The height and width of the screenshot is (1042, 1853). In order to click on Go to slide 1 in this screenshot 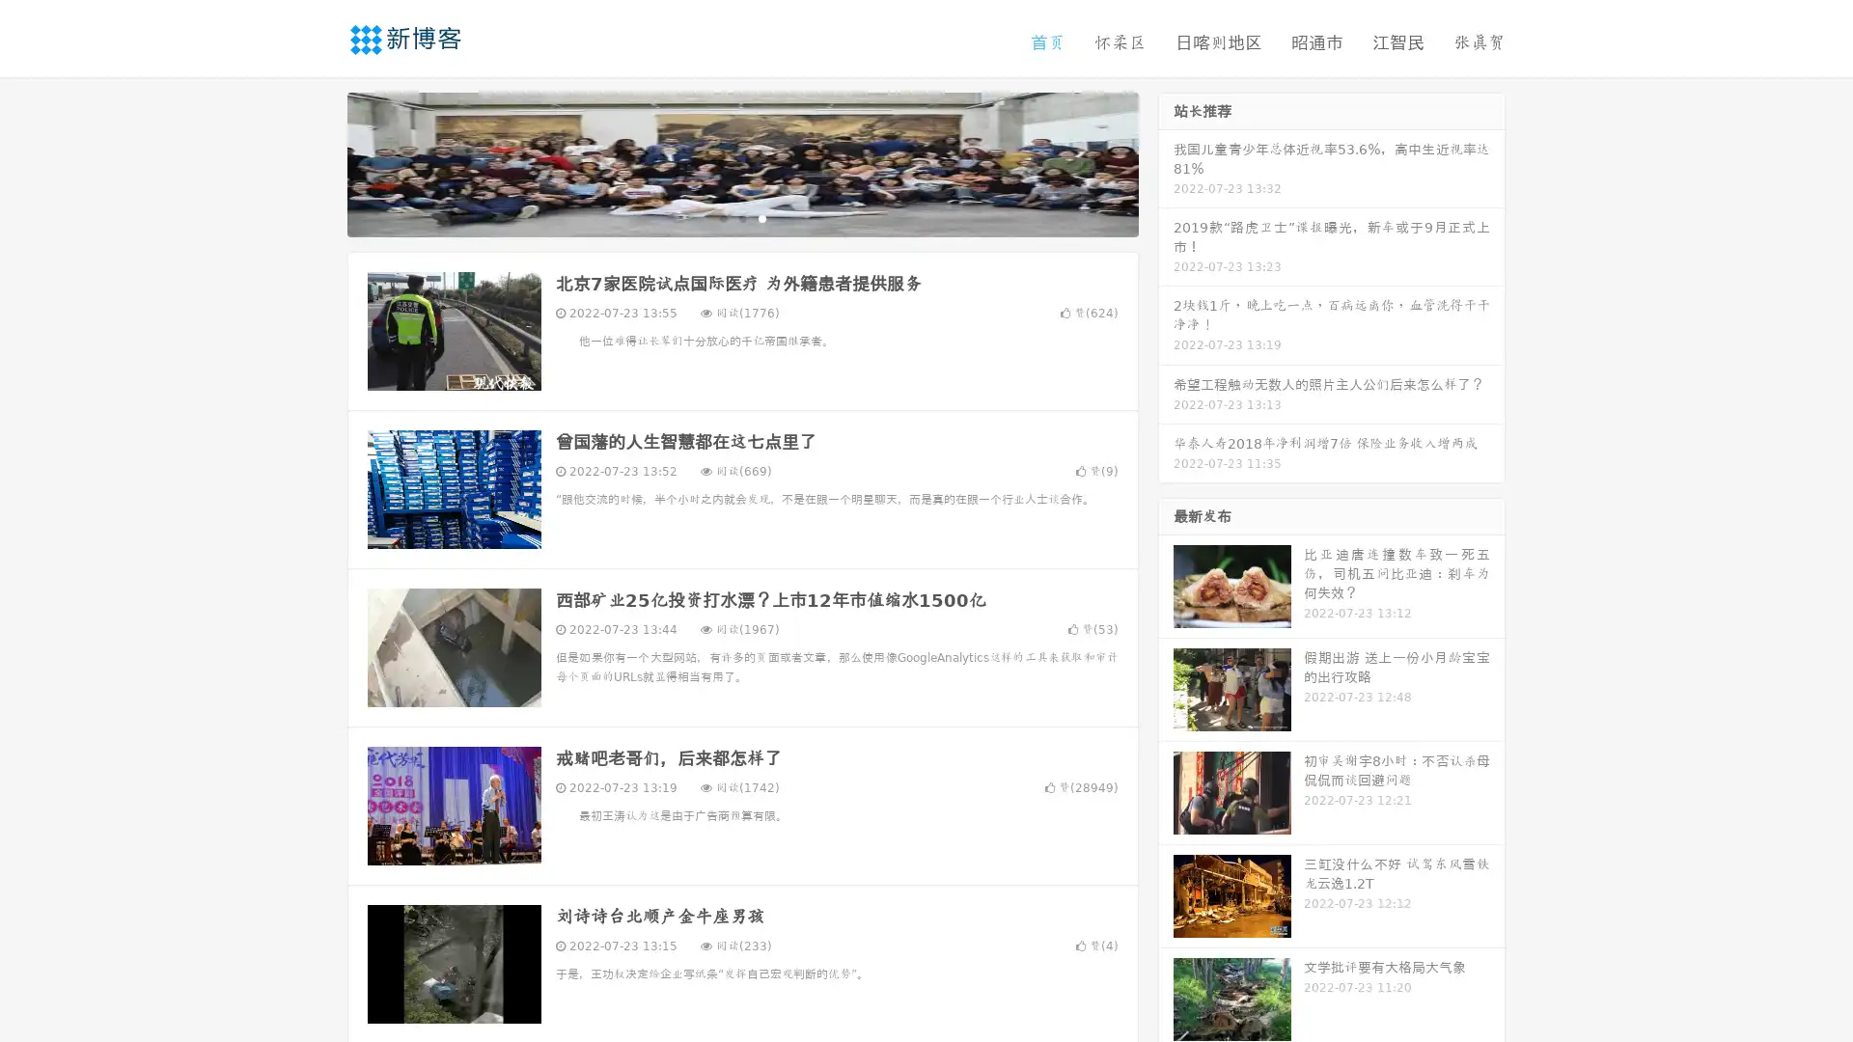, I will do `click(722, 217)`.